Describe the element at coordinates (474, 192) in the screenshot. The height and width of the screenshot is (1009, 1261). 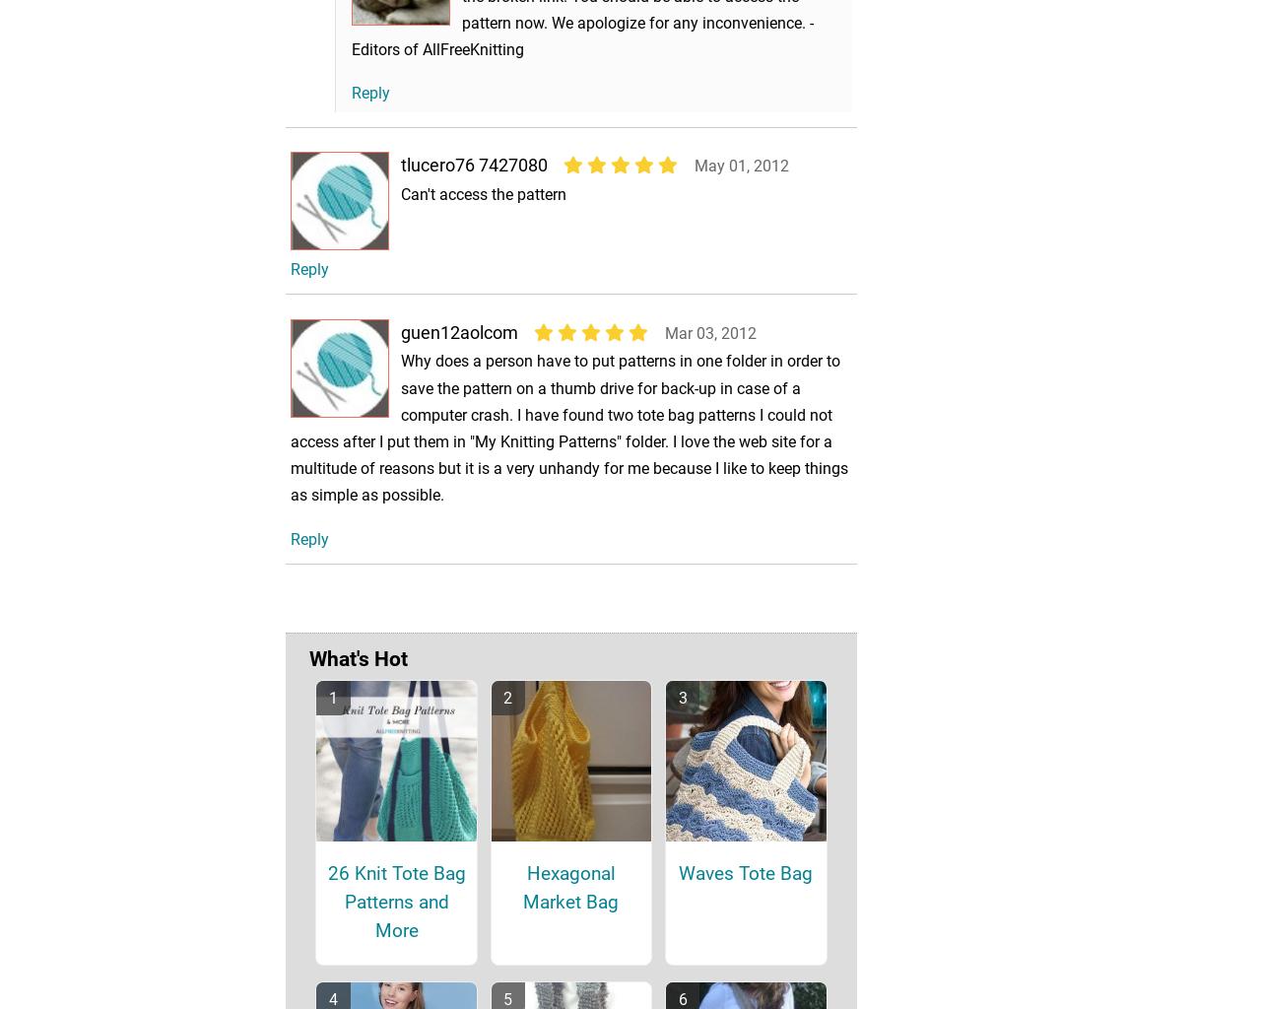
I see `'tlucero76 7427080'` at that location.